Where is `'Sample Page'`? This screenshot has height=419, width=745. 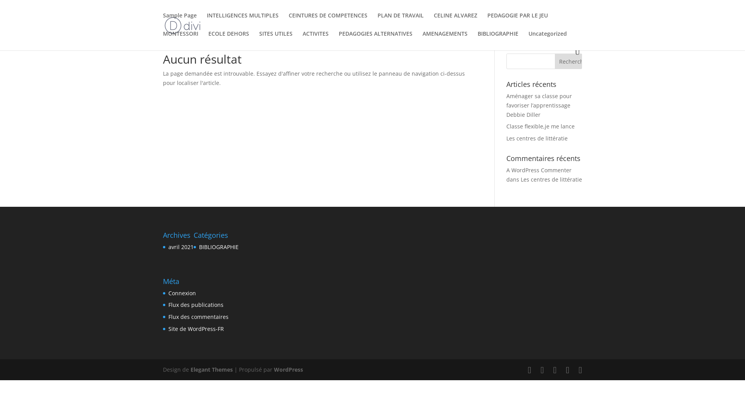 'Sample Page' is located at coordinates (179, 21).